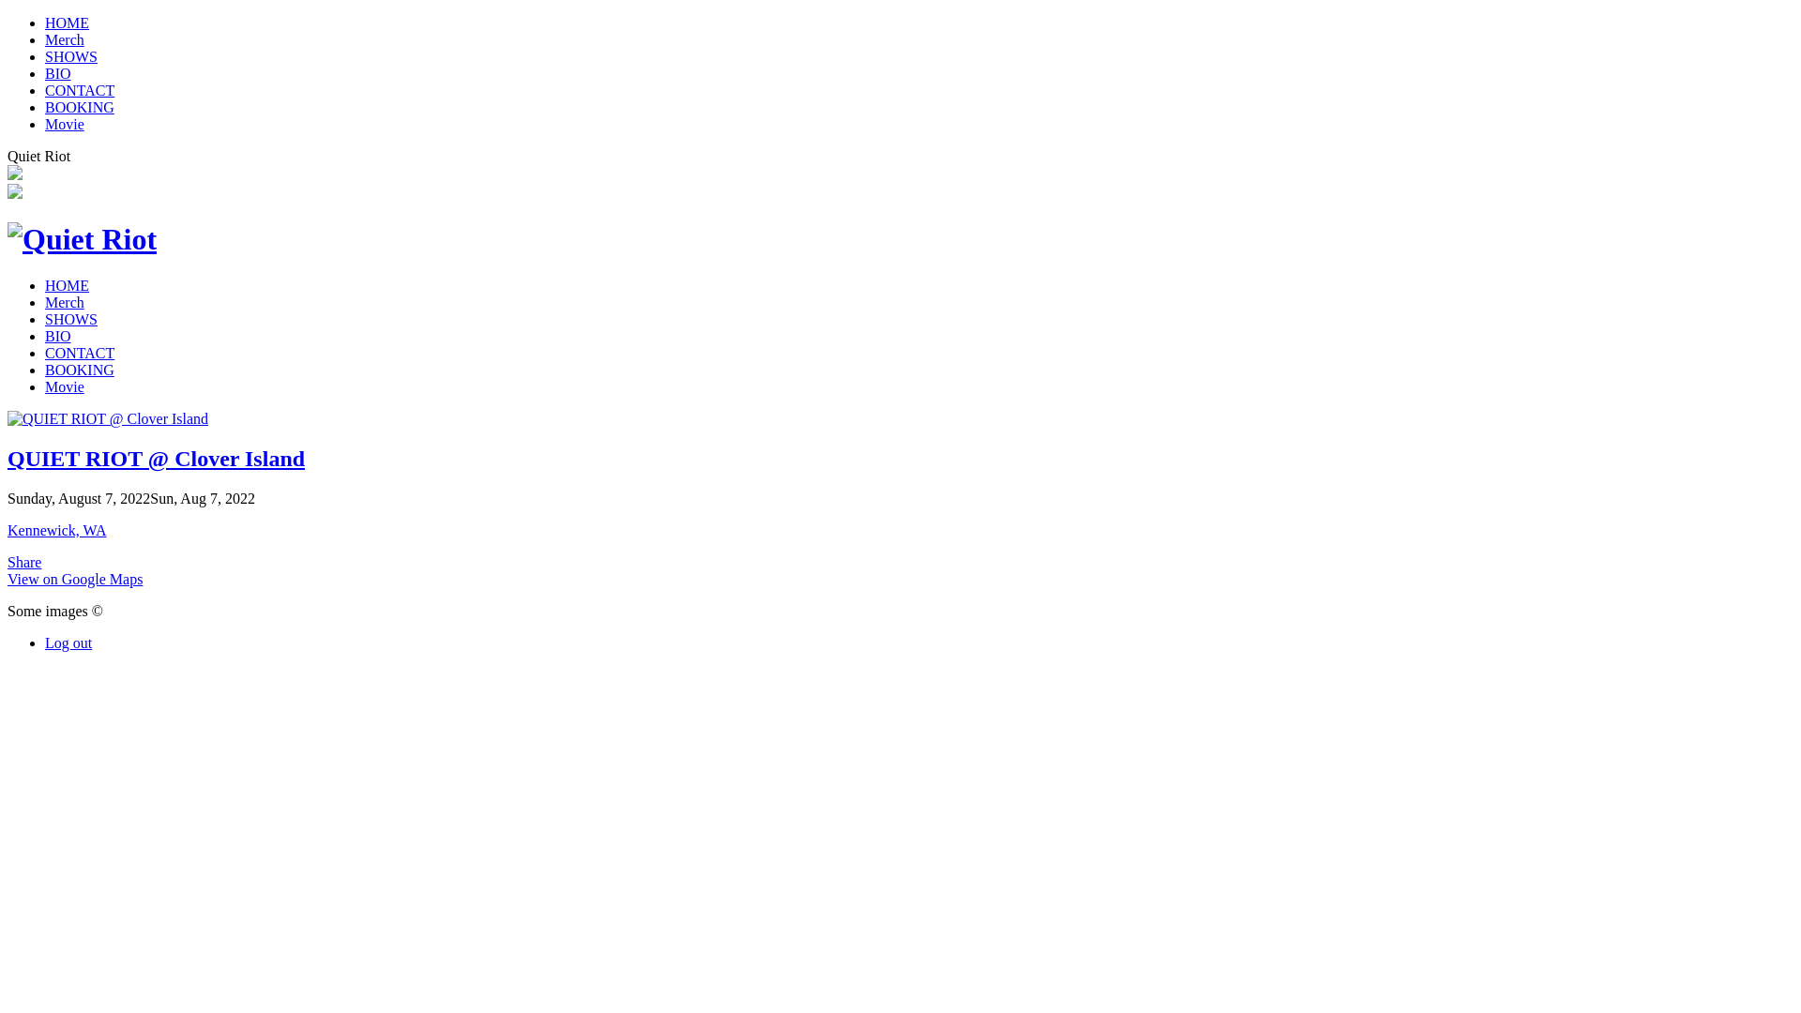 This screenshot has width=1801, height=1013. I want to click on 'SHOWS', so click(71, 318).